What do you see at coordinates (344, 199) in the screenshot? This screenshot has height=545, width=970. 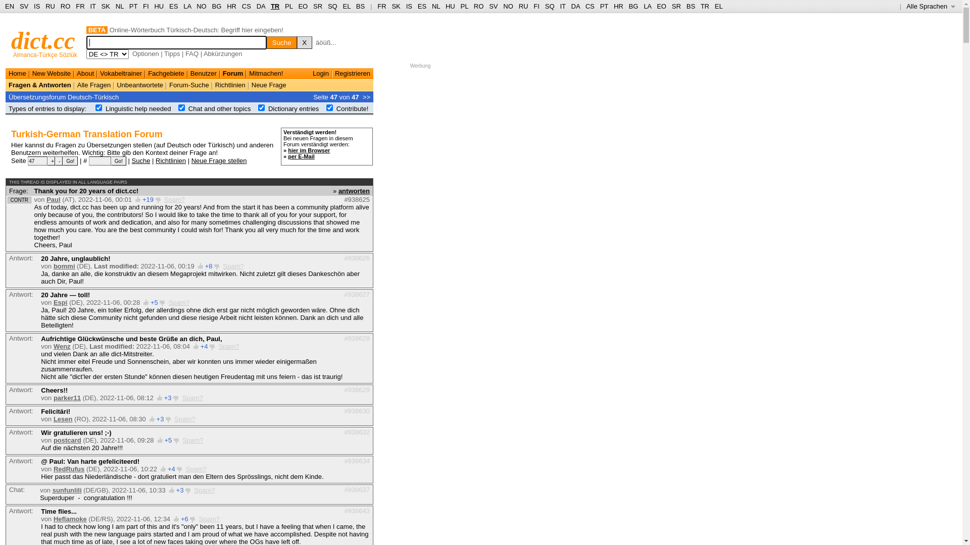 I see `'#938625'` at bounding box center [344, 199].